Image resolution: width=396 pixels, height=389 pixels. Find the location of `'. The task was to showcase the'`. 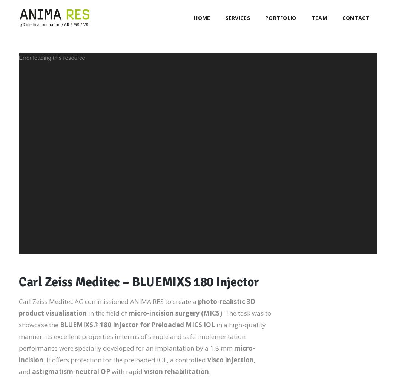

'. The task was to showcase the' is located at coordinates (18, 319).